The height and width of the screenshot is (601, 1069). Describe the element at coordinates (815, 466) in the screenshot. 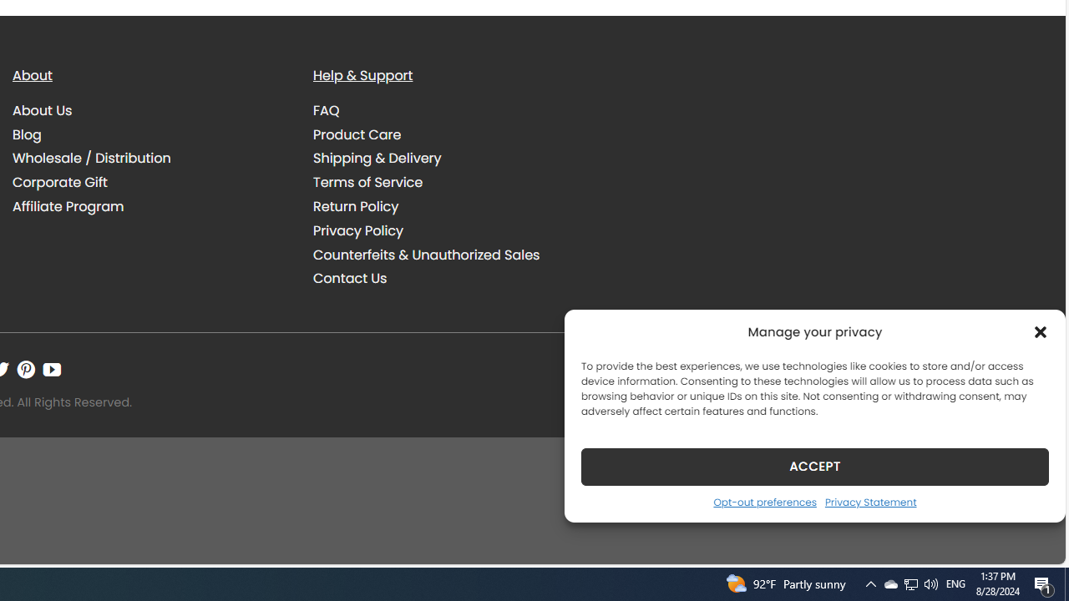

I see `'ACCEPT'` at that location.